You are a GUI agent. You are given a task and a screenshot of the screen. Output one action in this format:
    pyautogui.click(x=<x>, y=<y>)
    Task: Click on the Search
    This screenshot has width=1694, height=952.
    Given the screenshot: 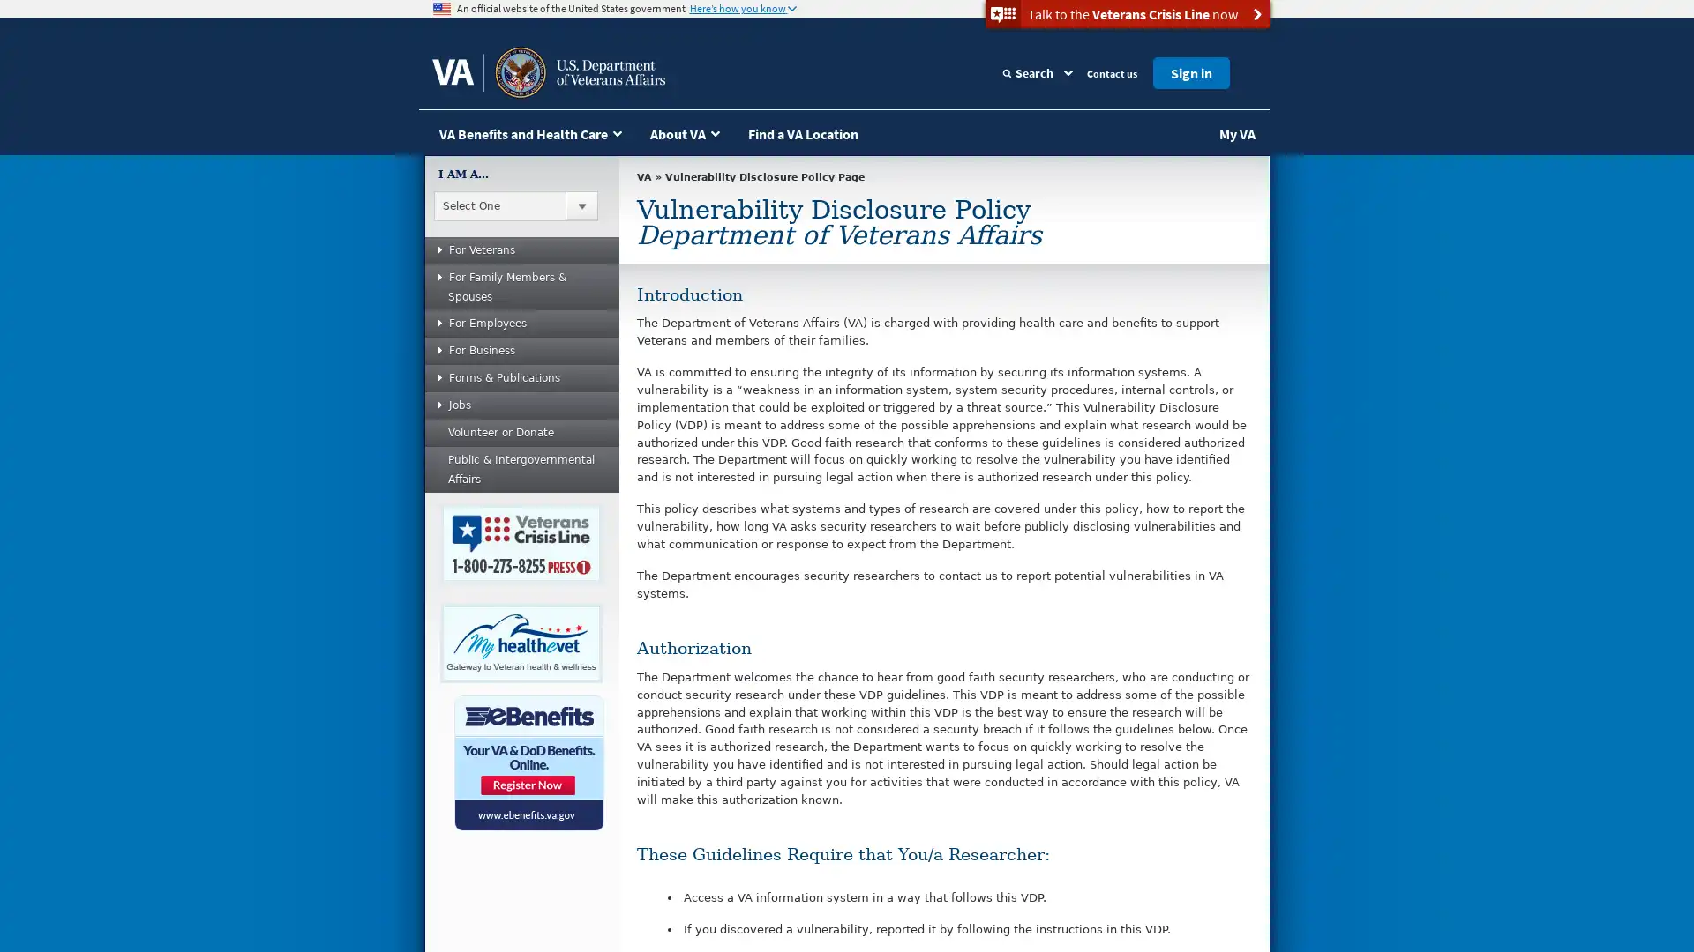 What is the action you would take?
    pyautogui.click(x=1036, y=71)
    